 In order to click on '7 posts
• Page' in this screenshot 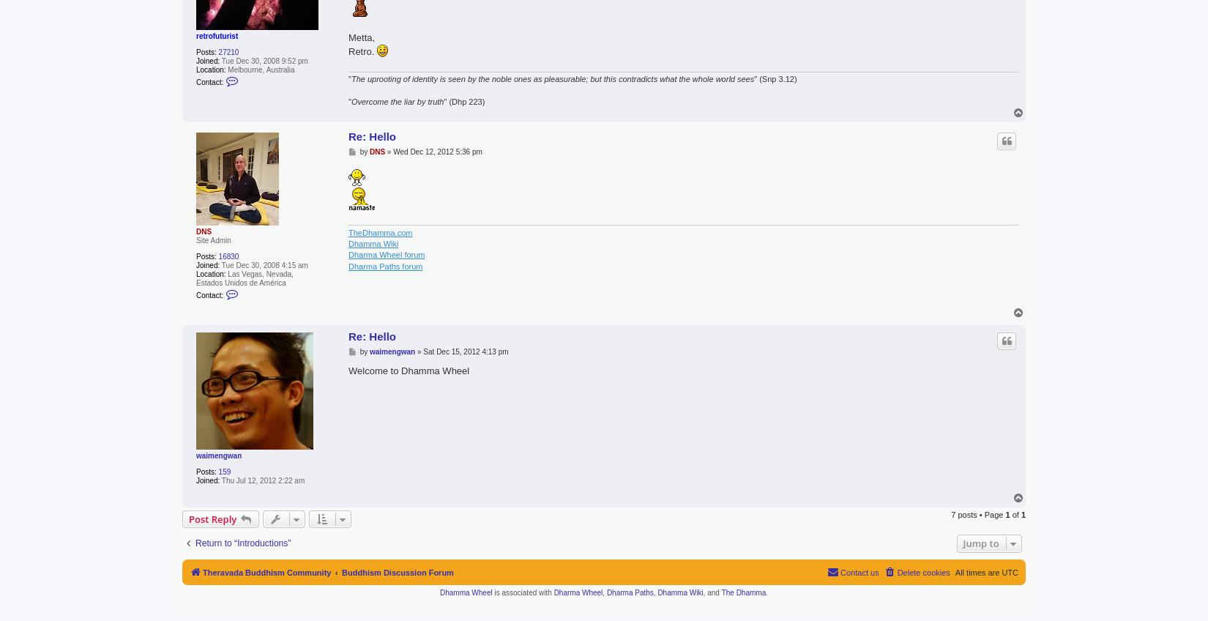, I will do `click(977, 514)`.